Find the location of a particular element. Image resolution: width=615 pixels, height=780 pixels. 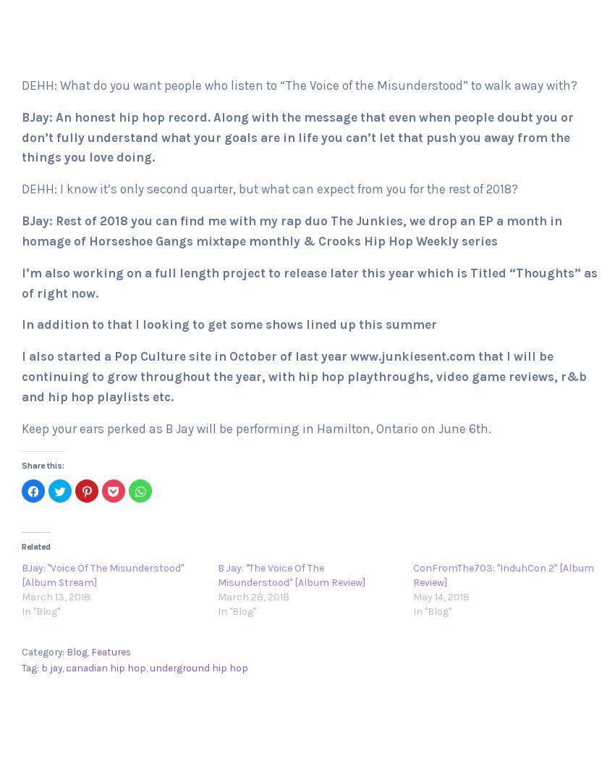

'Related' is located at coordinates (35, 545).